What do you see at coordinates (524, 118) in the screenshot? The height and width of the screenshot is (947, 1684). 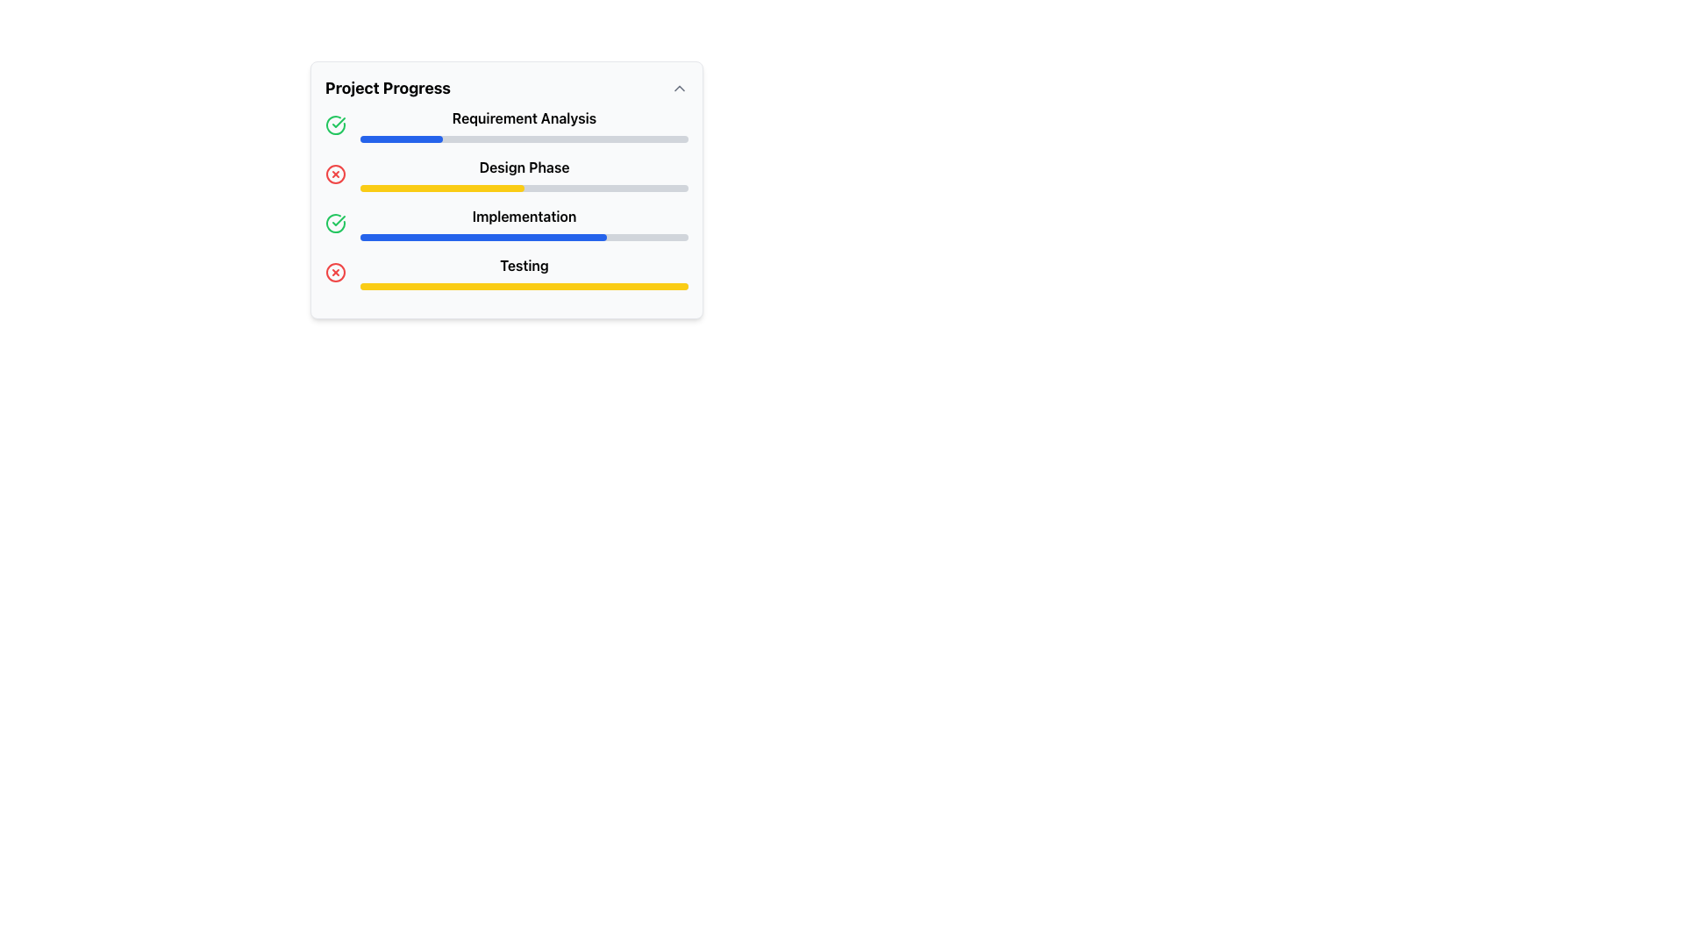 I see `the static text label displaying 'Requirement Analysis', which is positioned at the top of the progress section, directly above the progress bar in the 'Project Progress' section` at bounding box center [524, 118].